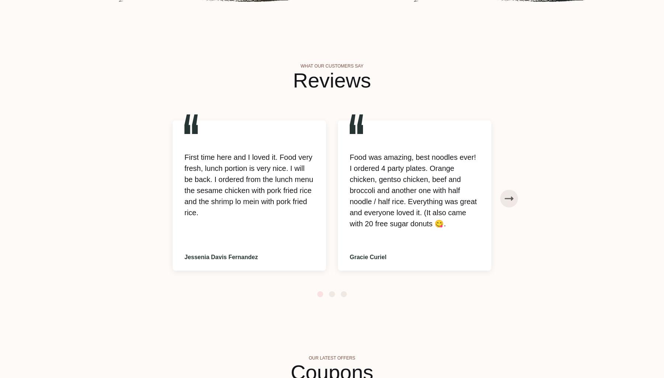 This screenshot has height=378, width=664. Describe the element at coordinates (578, 173) in the screenshot. I see `'I just found out this Chinese restaurant and saw this. My first time trying it and it tasted delicious!!!! I’m coming back again just for this!'` at that location.